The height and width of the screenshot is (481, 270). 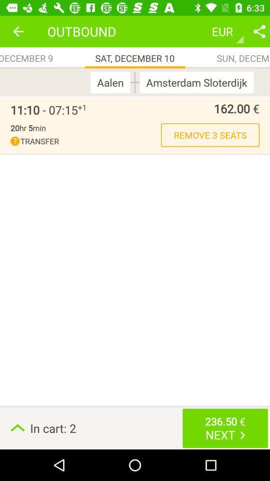 I want to click on item to the right of +1 item, so click(x=172, y=108).